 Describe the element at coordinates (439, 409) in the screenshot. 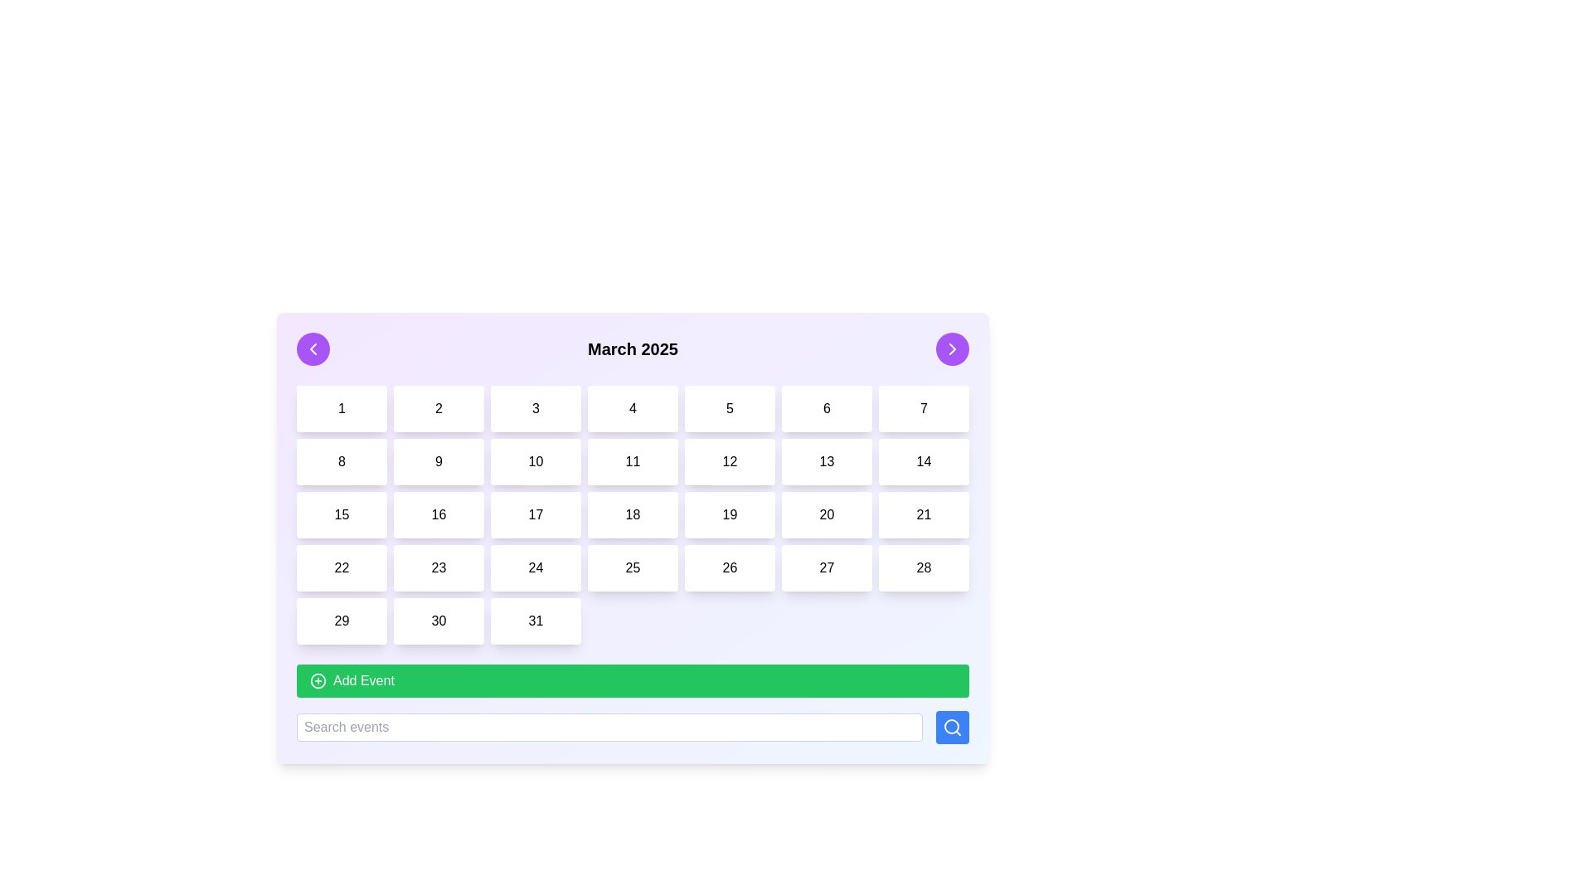

I see `the square button with a white background containing the number '2' in black` at that location.